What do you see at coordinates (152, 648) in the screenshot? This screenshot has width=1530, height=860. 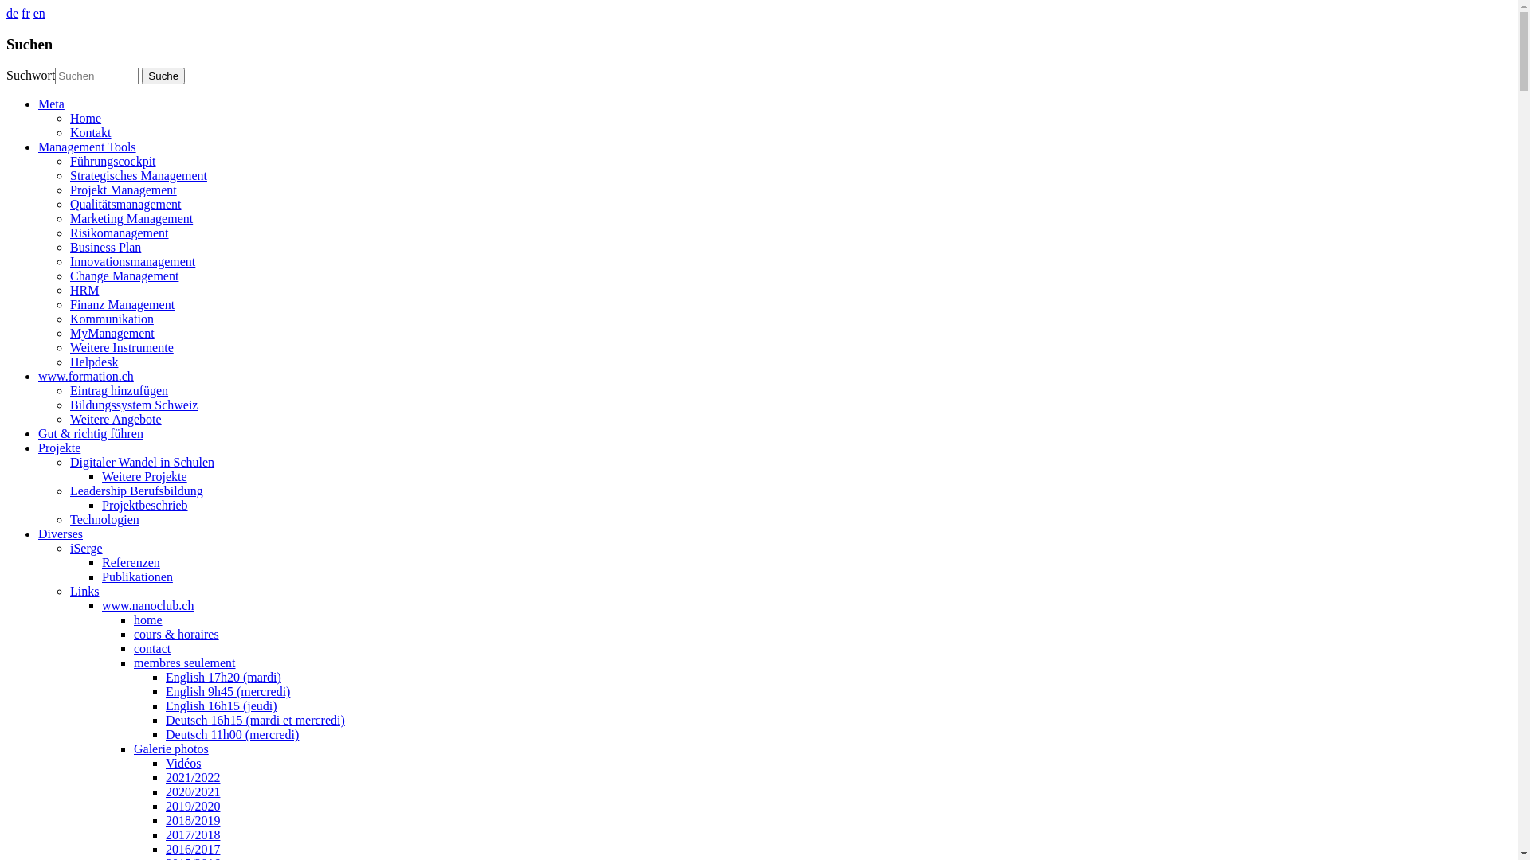 I see `'contact'` at bounding box center [152, 648].